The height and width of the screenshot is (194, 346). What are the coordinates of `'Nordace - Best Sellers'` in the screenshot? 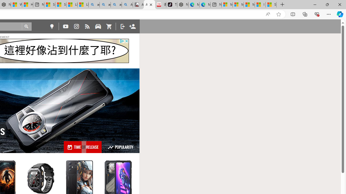 It's located at (182, 5).